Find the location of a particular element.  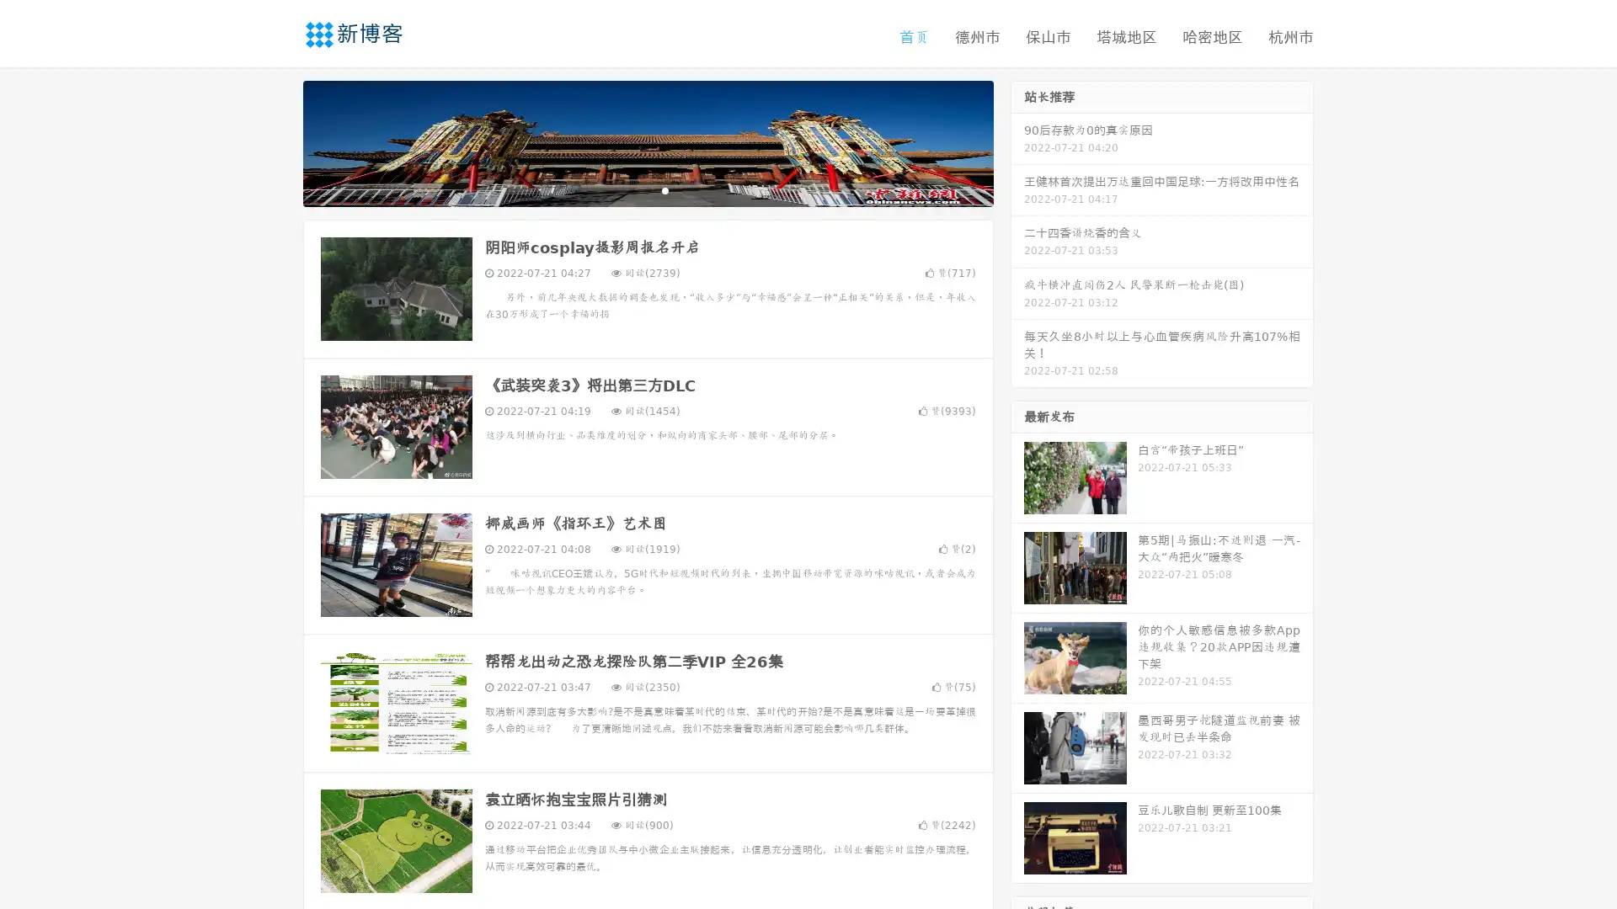

Previous slide is located at coordinates (278, 141).